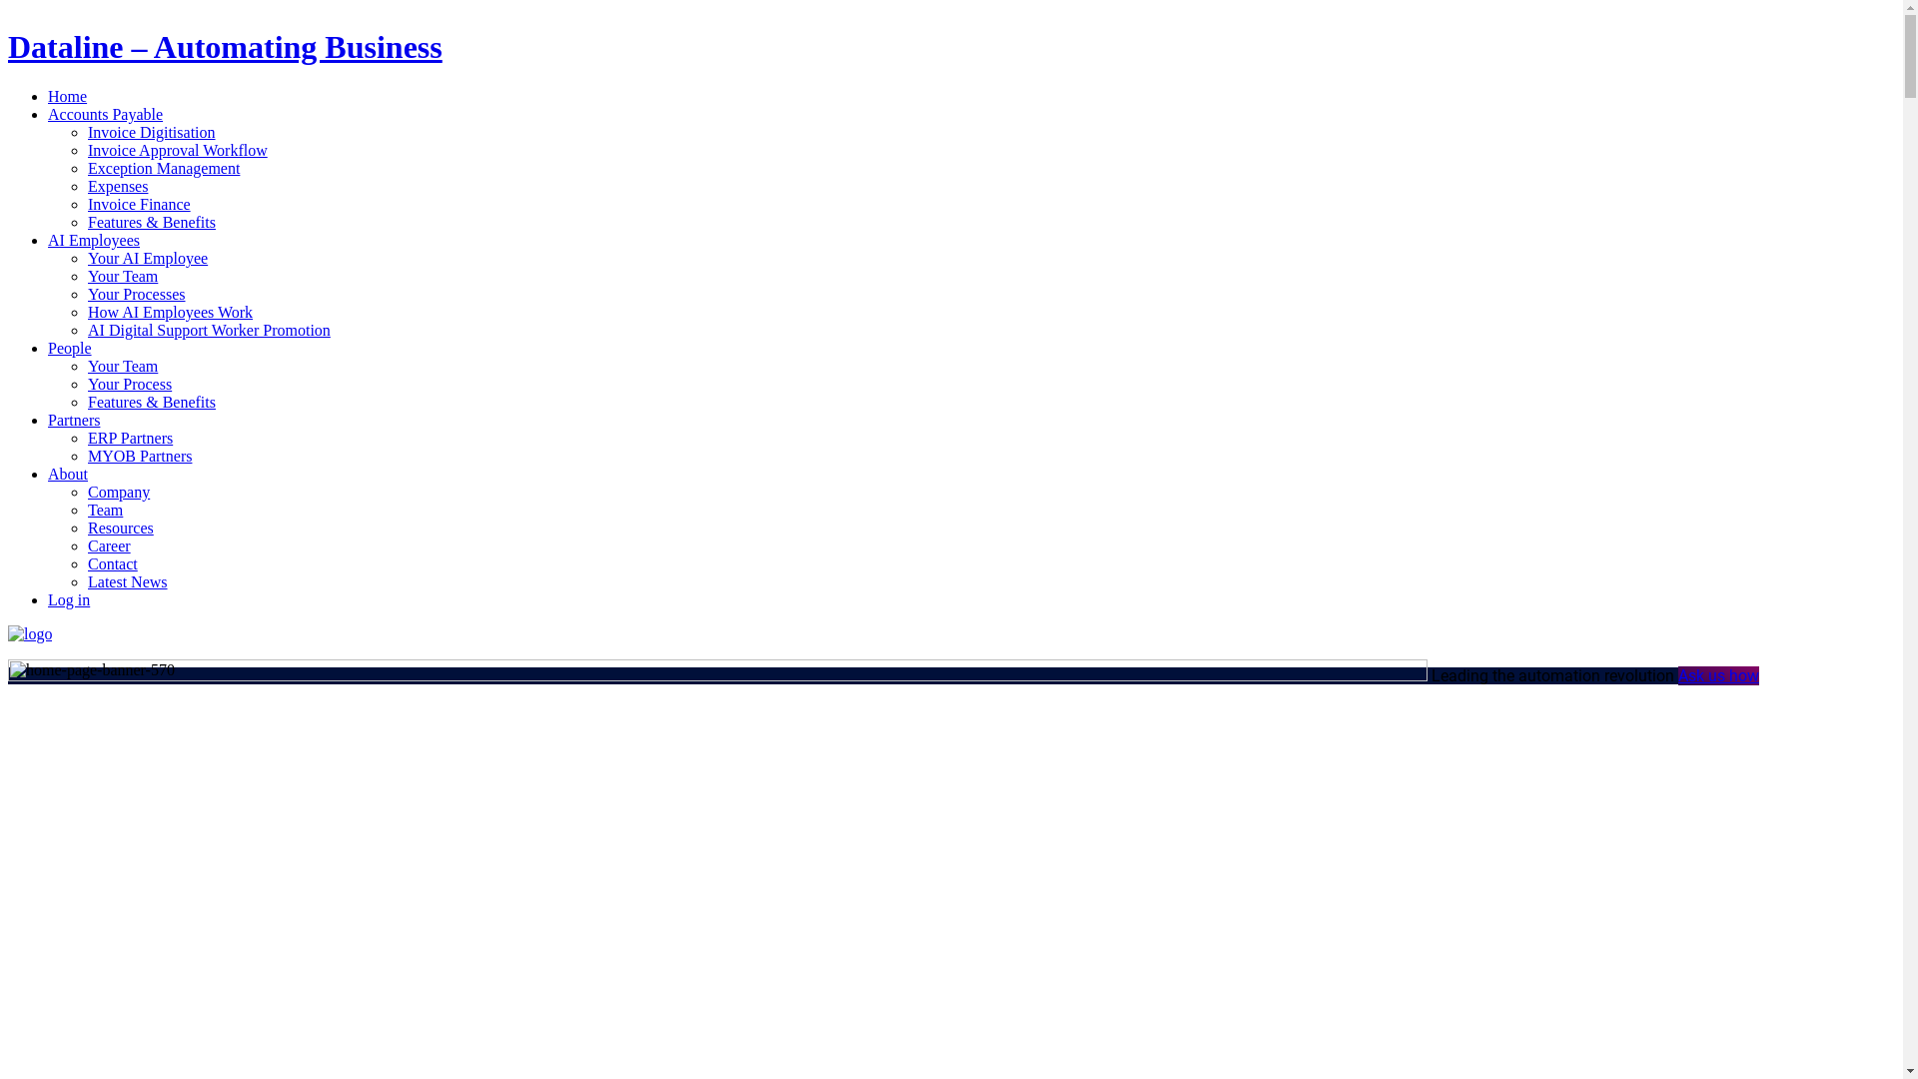  What do you see at coordinates (70, 347) in the screenshot?
I see `'People'` at bounding box center [70, 347].